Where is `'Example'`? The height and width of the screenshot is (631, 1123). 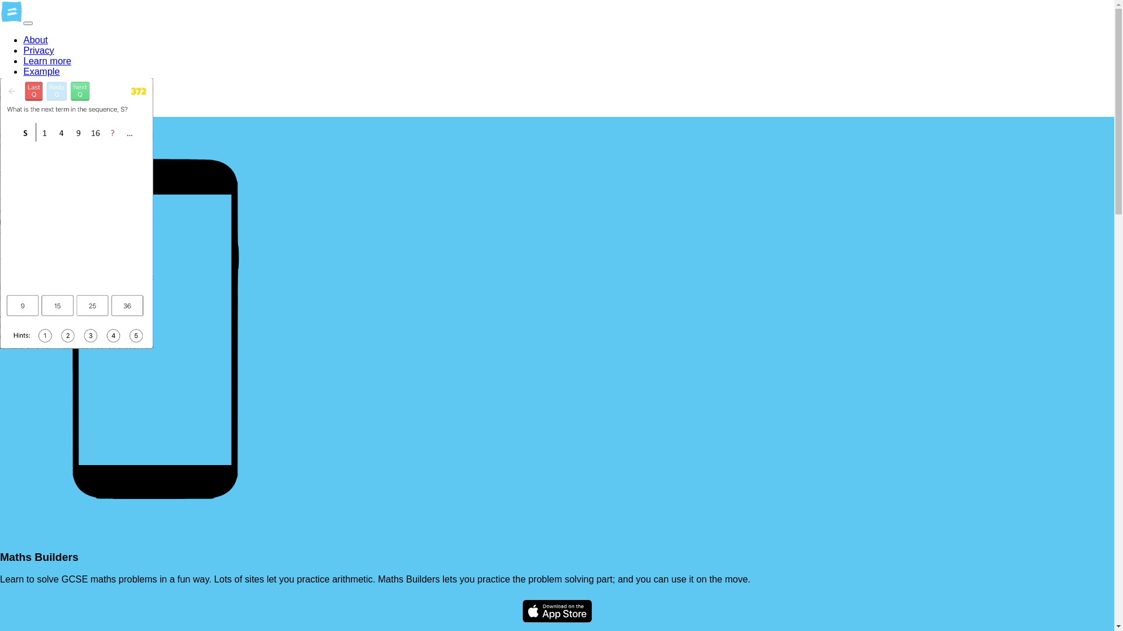
'Example' is located at coordinates (23, 71).